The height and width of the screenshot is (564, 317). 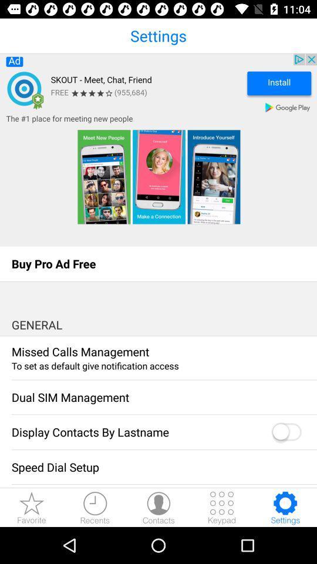 What do you see at coordinates (285, 432) in the screenshot?
I see `display contacts by lastname` at bounding box center [285, 432].